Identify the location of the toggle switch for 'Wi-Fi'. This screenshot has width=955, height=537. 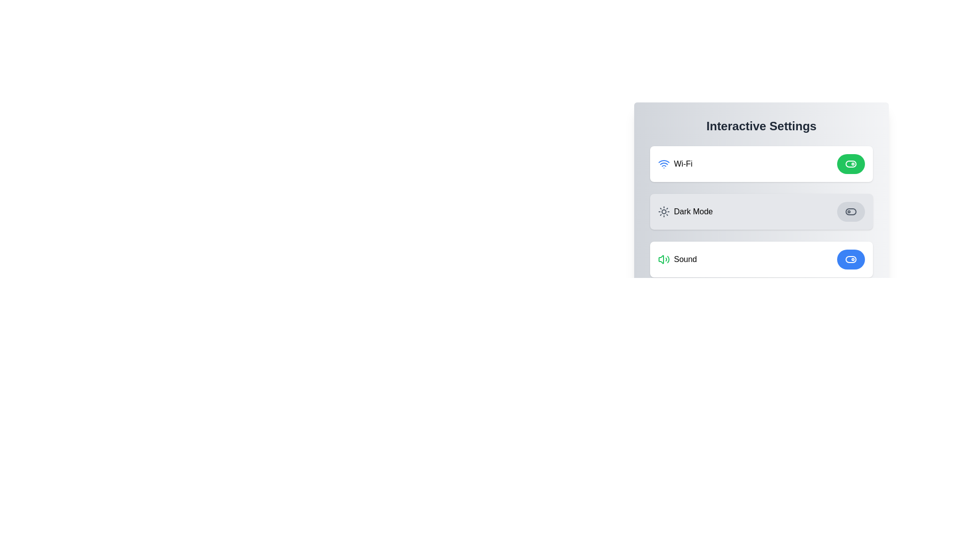
(850, 164).